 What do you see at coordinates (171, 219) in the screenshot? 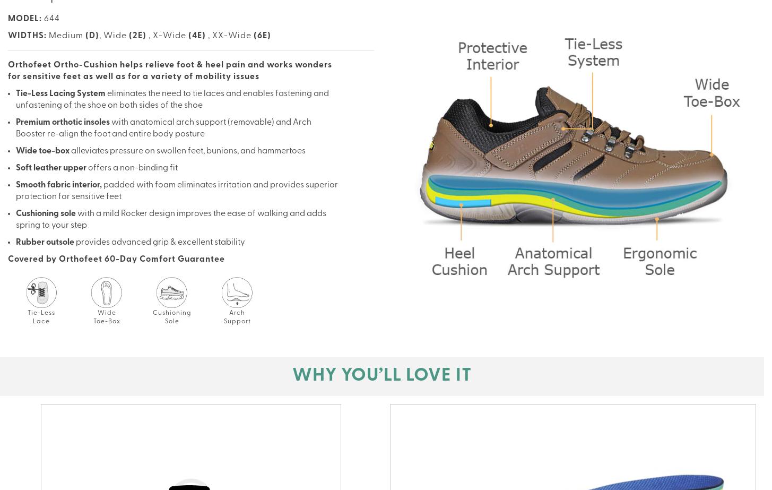
I see `'with a mild Rocker design improves the ease of walking and adds spring to your step'` at bounding box center [171, 219].